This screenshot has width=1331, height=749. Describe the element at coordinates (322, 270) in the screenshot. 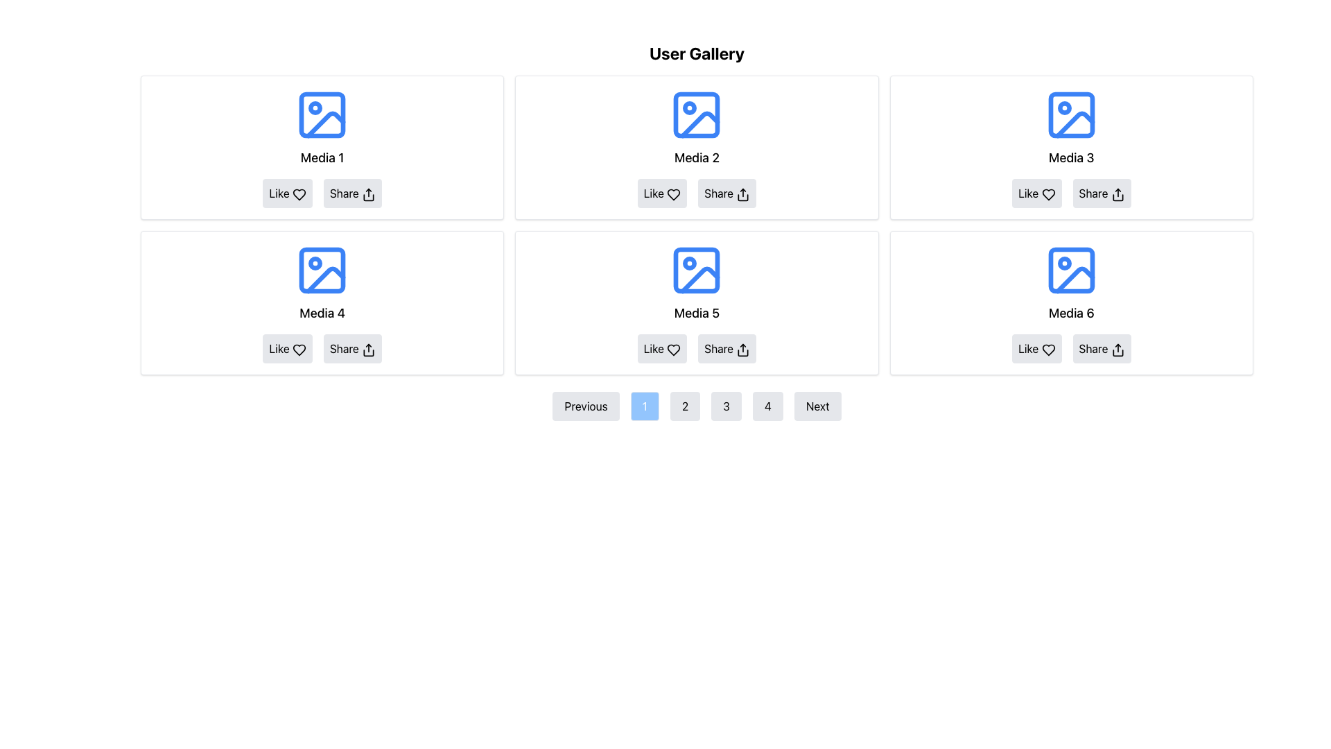

I see `the media icon for 'Media 4', which is located in the second row and first column of the media gallery grid` at that location.